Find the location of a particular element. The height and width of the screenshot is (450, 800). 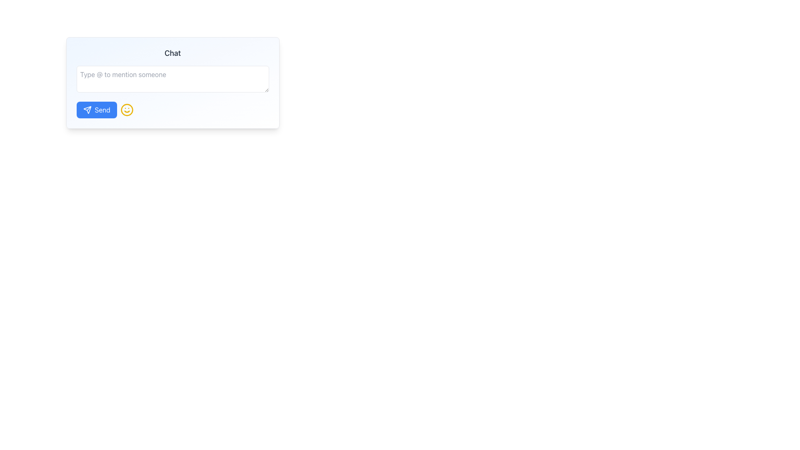

the decorative icon within the 'Send' button, located to the left of the label 'Send', which visually represents the action of sending a message is located at coordinates (87, 109).